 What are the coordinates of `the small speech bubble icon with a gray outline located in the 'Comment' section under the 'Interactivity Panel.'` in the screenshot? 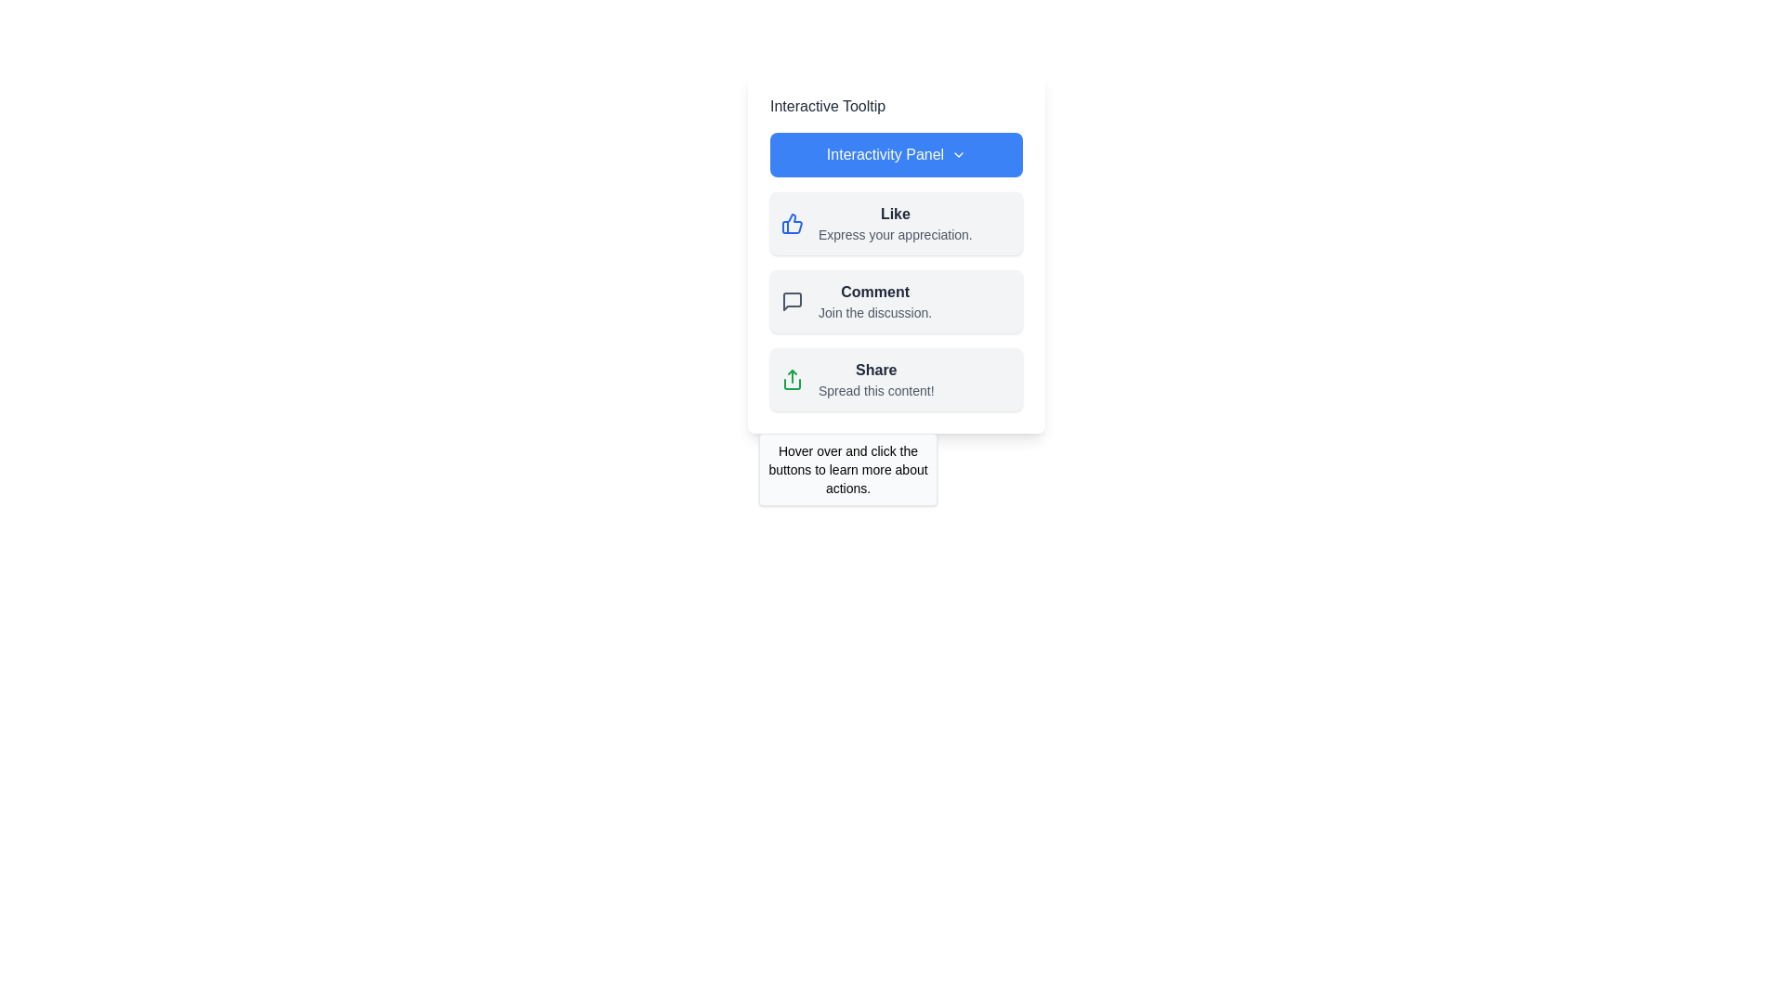 It's located at (793, 300).